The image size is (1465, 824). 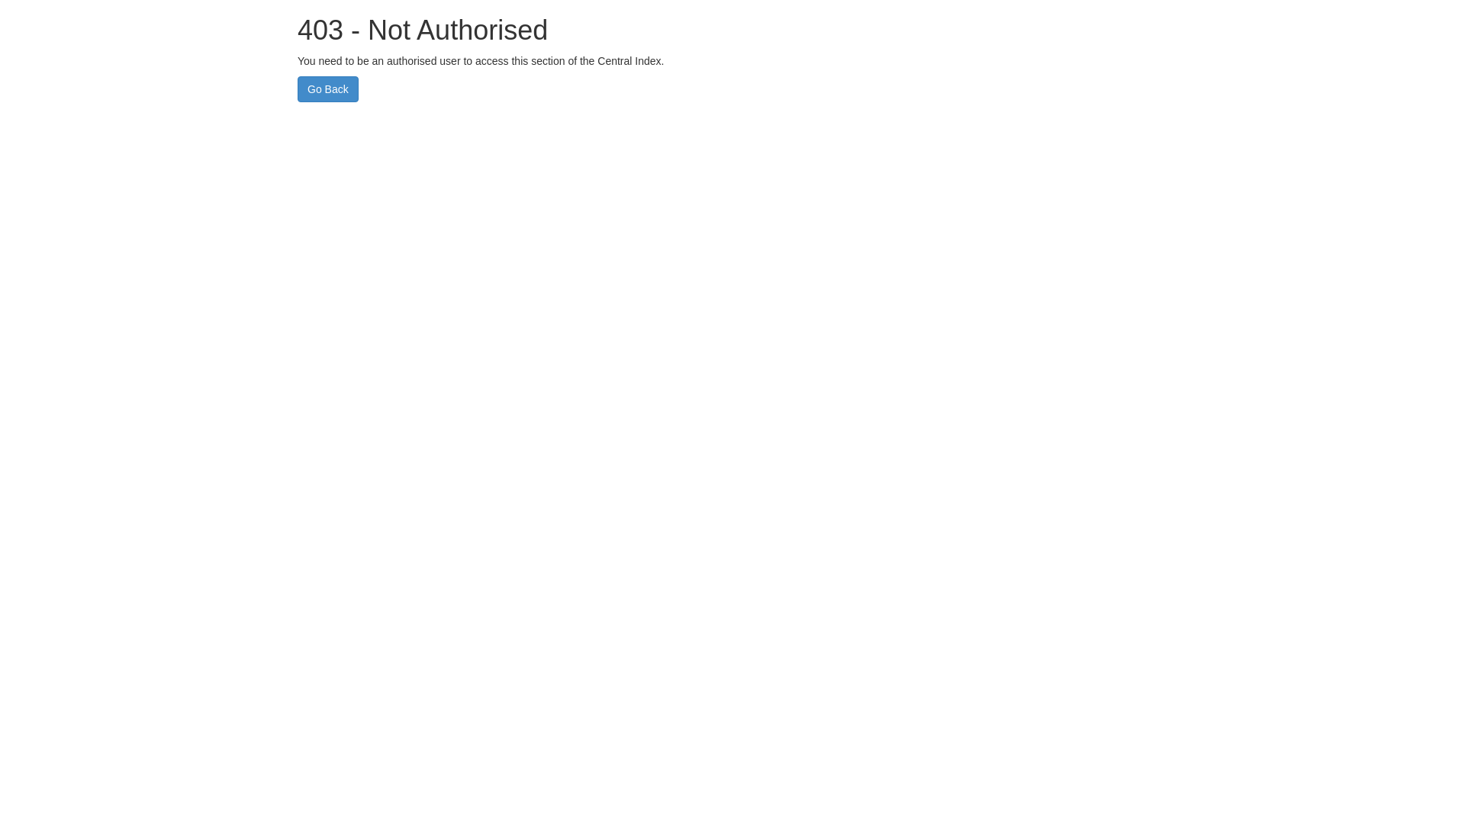 What do you see at coordinates (327, 89) in the screenshot?
I see `'Go Back'` at bounding box center [327, 89].